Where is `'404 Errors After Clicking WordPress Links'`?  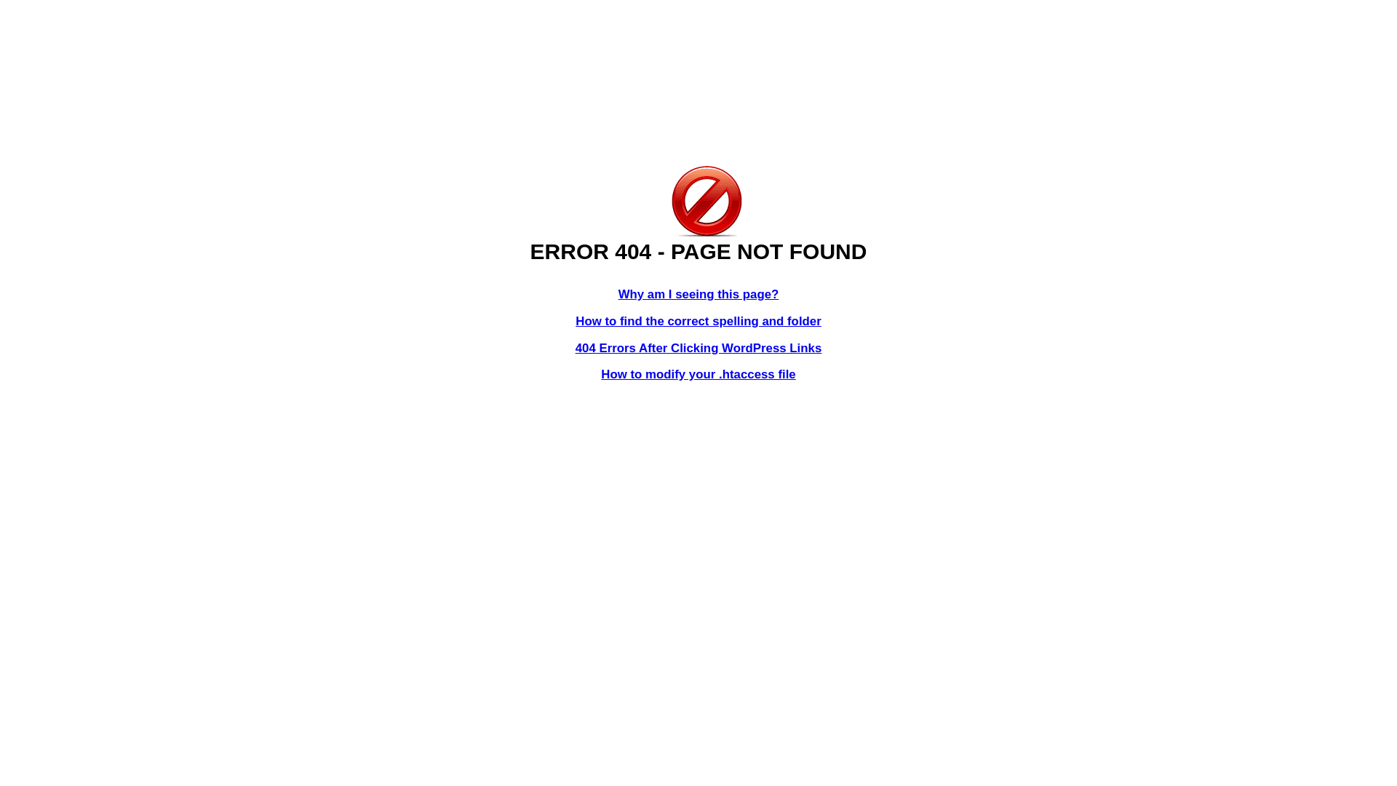 '404 Errors After Clicking WordPress Links' is located at coordinates (575, 348).